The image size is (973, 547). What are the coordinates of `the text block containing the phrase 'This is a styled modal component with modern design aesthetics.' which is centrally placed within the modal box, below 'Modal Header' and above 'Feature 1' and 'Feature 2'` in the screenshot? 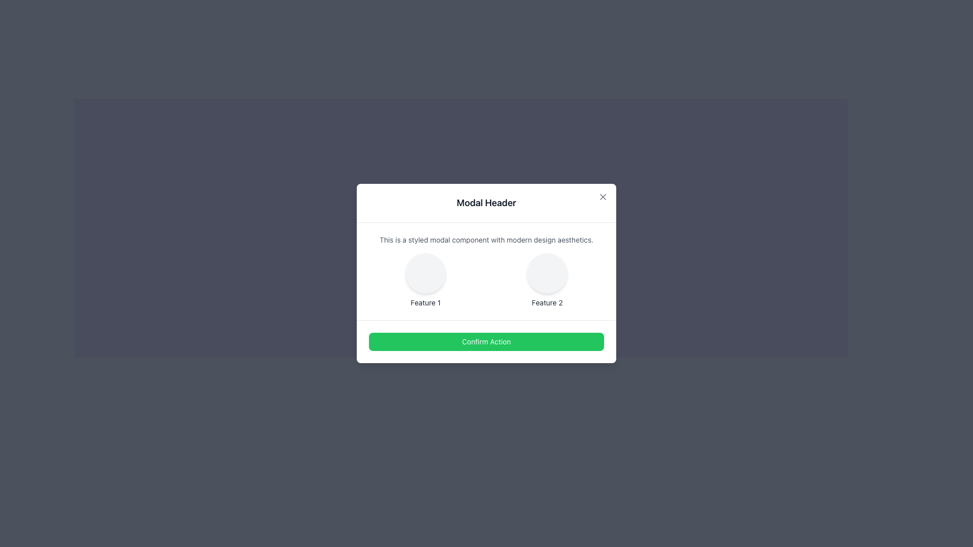 It's located at (486, 240).